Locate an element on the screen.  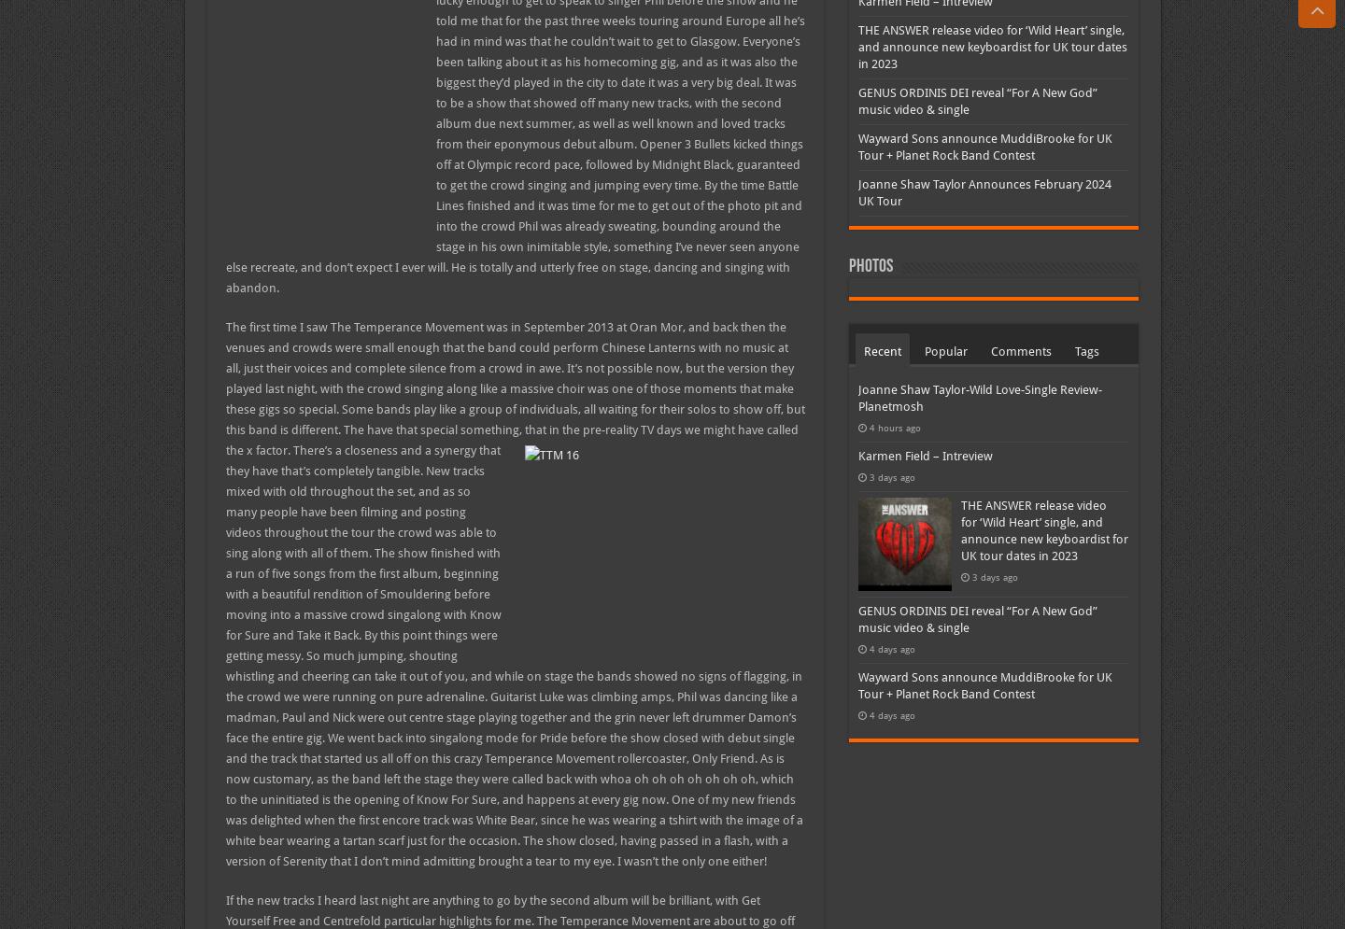
'Karmen Field – Intreview' is located at coordinates (924, 455).